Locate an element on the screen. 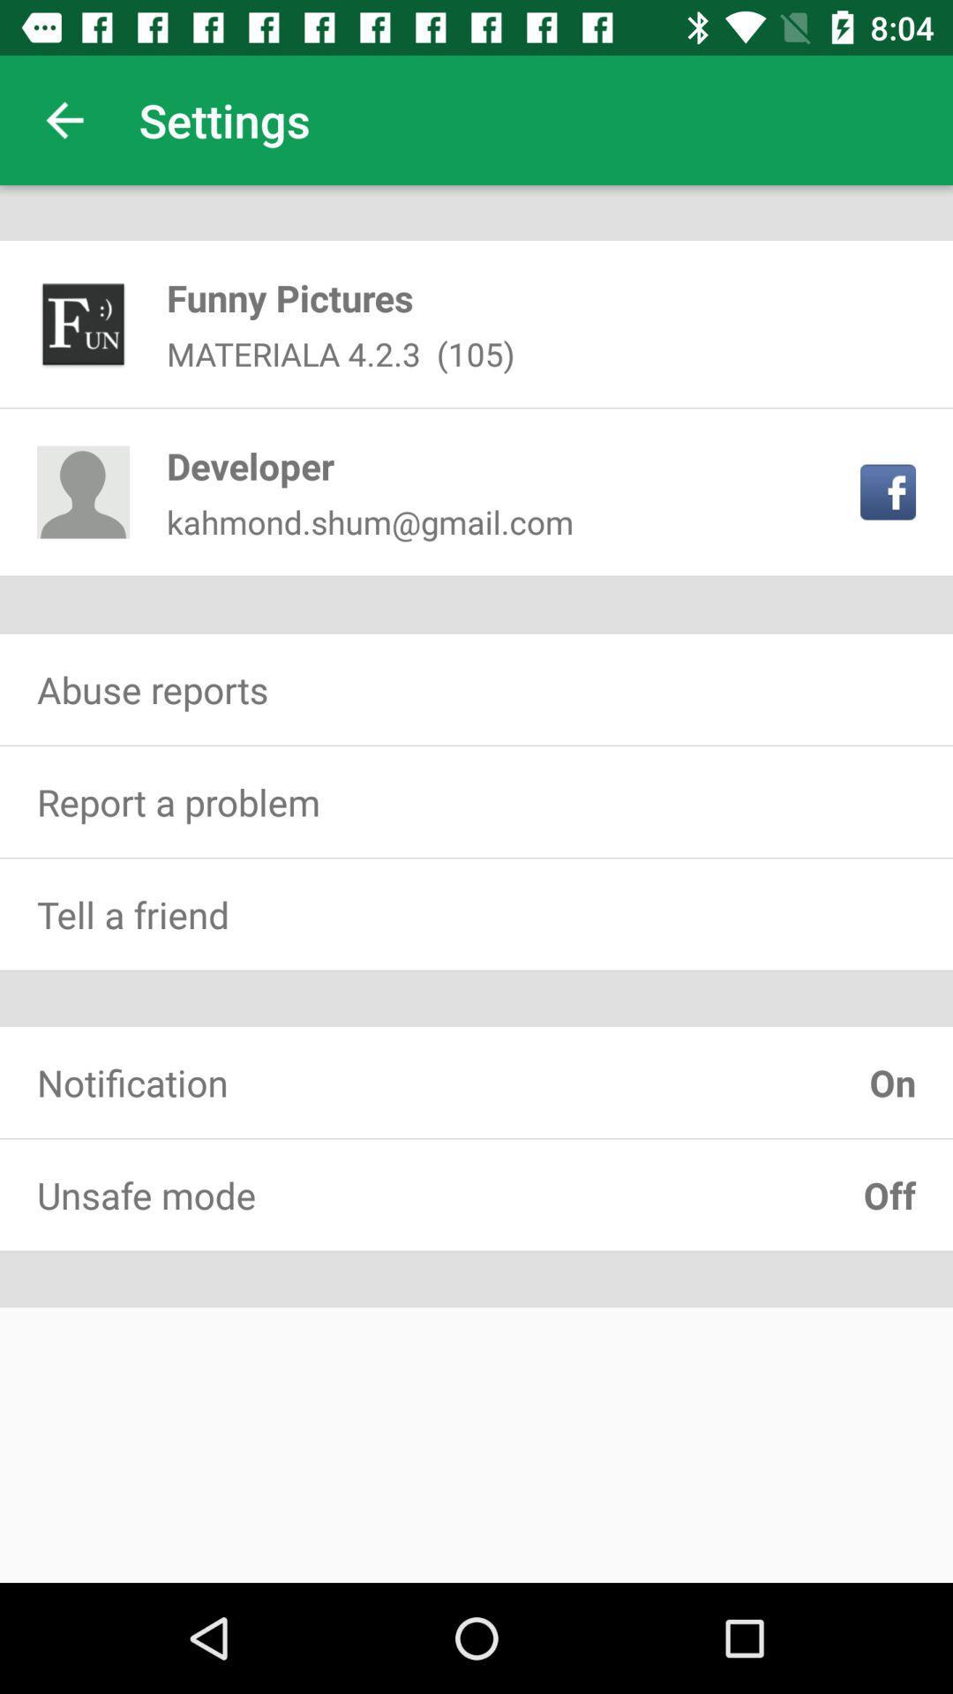  report a problem is located at coordinates (476, 800).